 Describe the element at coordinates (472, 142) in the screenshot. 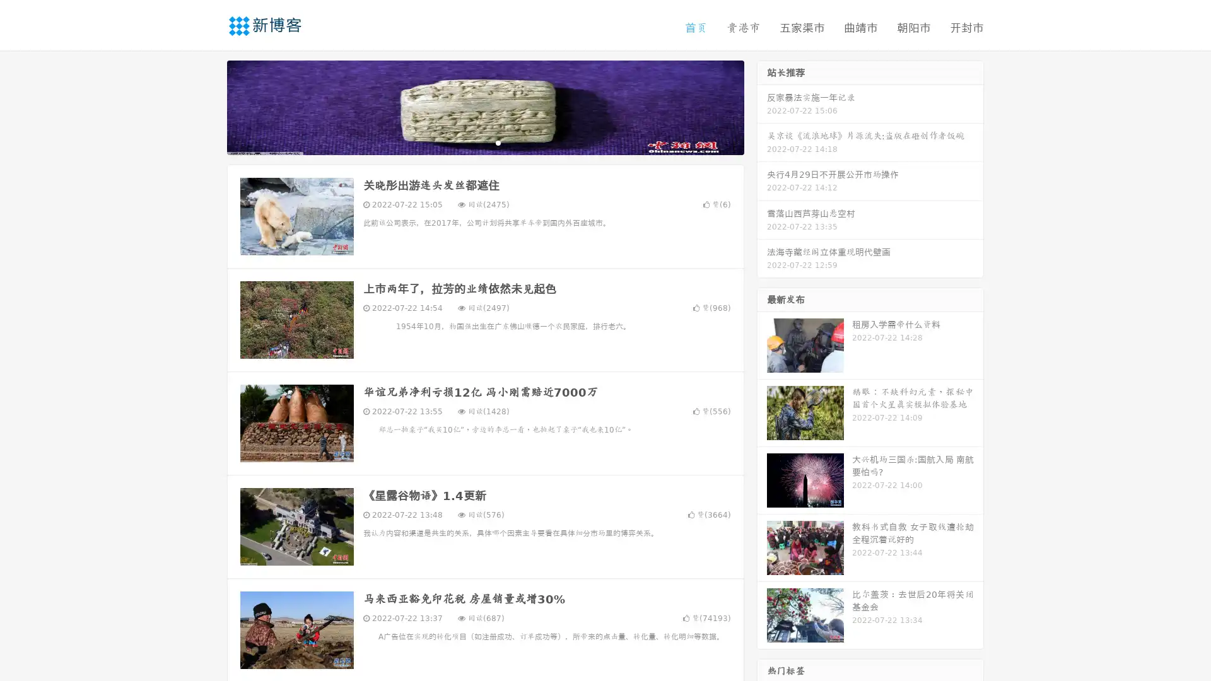

I see `Go to slide 1` at that location.